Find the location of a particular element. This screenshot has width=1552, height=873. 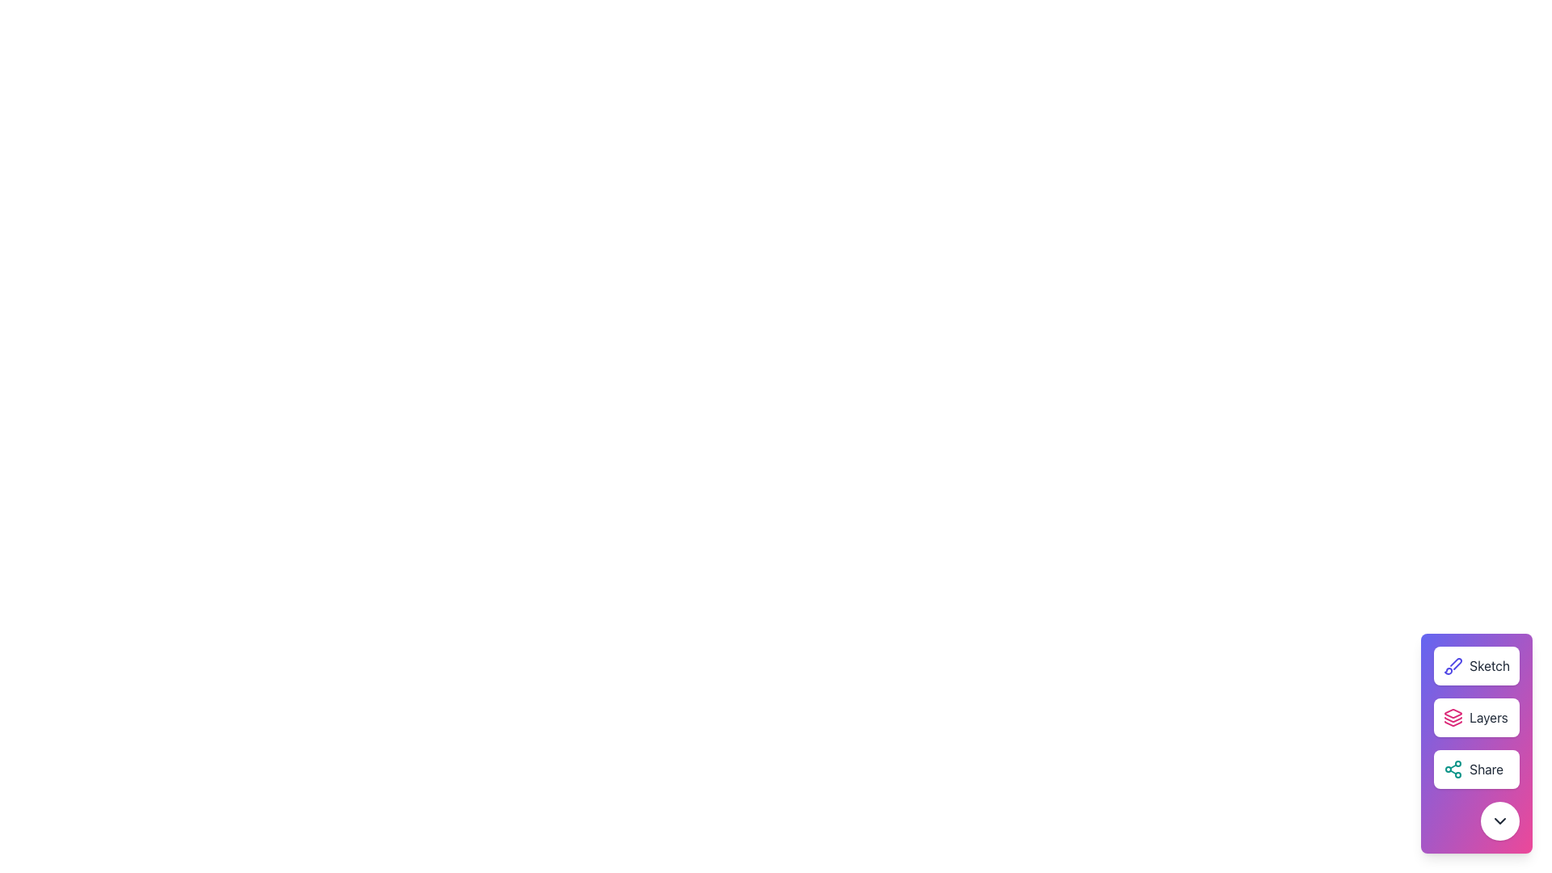

the topmost triangular shape icon in the 'Layers' button group on the right side of the interface is located at coordinates (1453, 713).